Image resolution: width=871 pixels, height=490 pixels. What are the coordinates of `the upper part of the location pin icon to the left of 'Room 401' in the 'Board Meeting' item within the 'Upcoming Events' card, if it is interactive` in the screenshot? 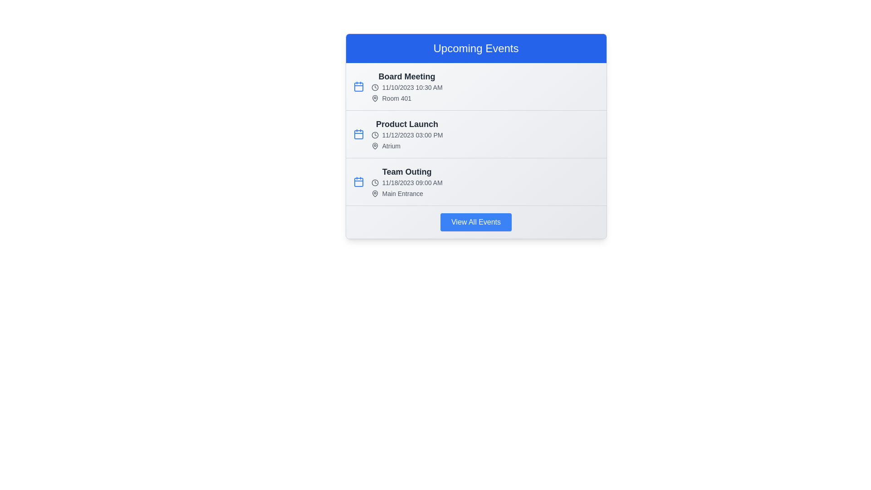 It's located at (375, 98).